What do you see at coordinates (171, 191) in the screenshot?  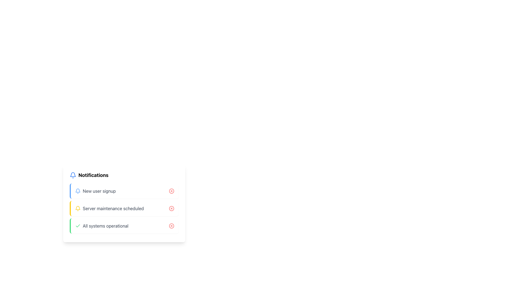 I see `the circular SVG element associated with the 'New user signup' notification` at bounding box center [171, 191].